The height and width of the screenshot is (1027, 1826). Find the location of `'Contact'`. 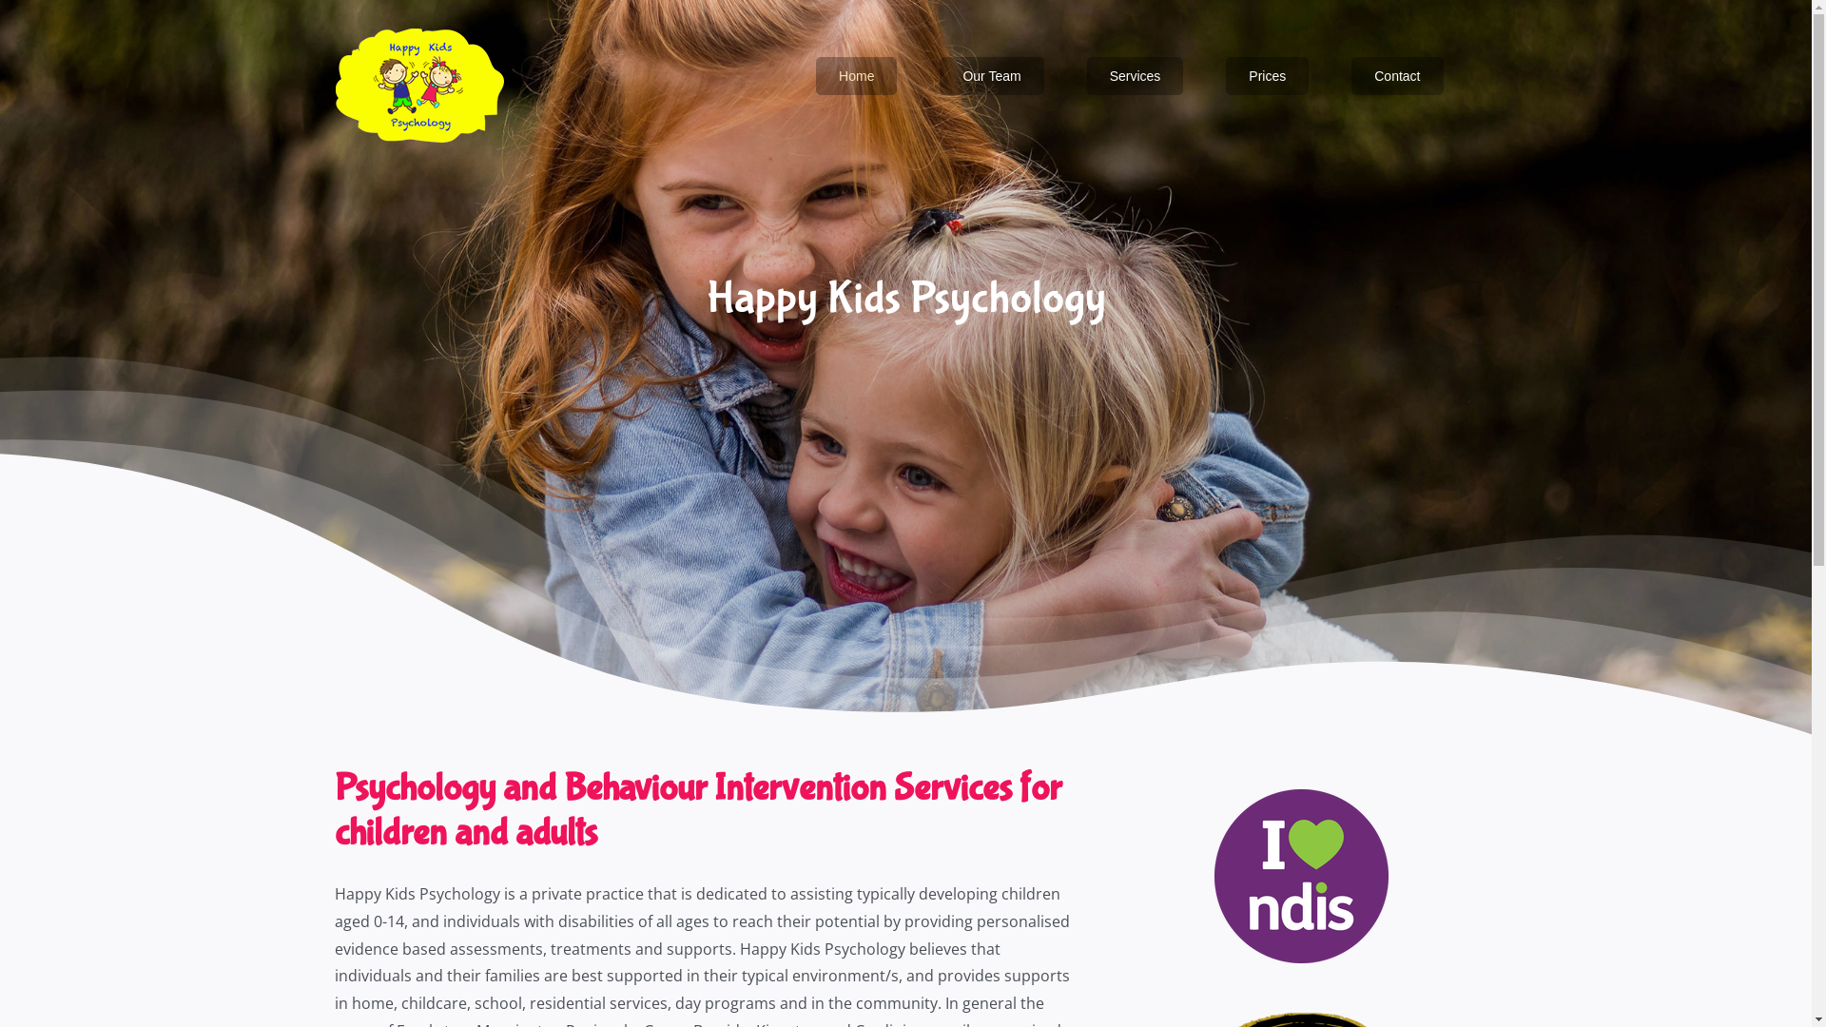

'Contact' is located at coordinates (1350, 75).